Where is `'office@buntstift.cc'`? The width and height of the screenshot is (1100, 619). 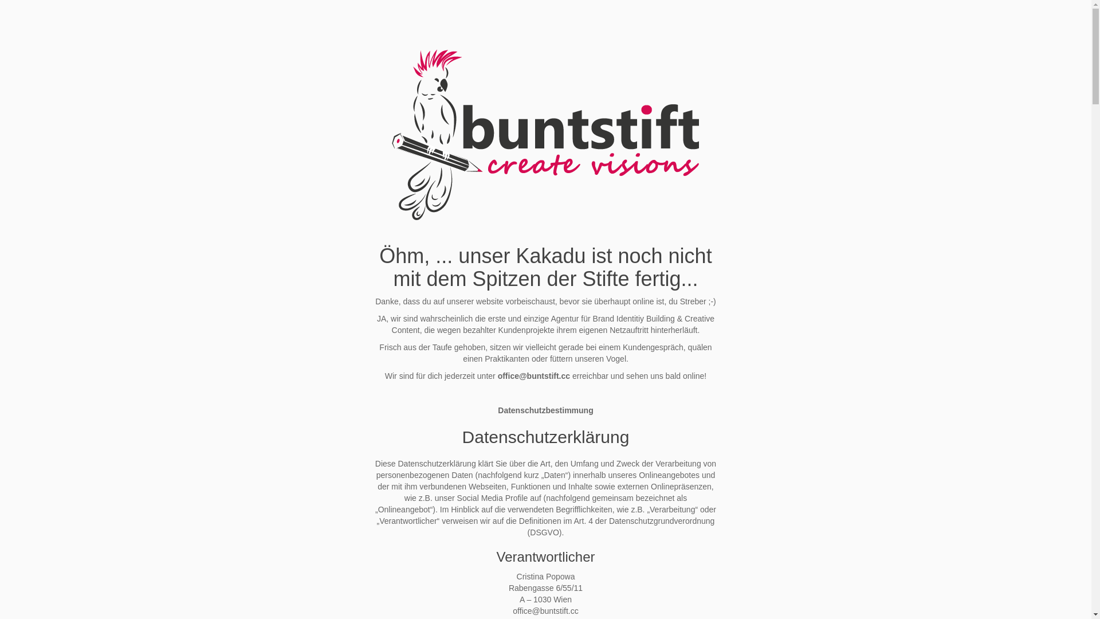
'office@buntstift.cc' is located at coordinates (533, 375).